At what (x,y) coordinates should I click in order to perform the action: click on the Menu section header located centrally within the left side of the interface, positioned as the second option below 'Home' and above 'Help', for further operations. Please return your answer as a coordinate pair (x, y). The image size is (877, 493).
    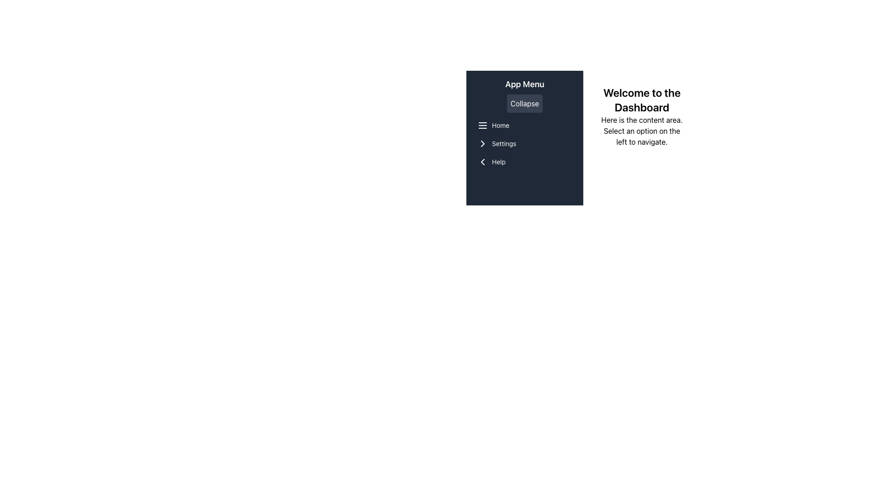
    Looking at the image, I should click on (524, 144).